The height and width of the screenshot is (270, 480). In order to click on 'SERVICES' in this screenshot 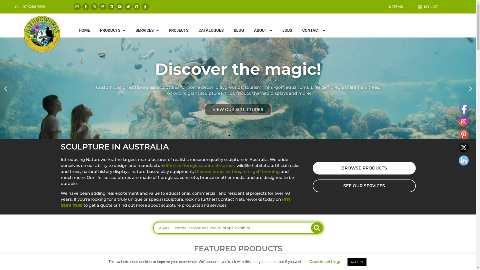, I will do `click(130, 30)`.